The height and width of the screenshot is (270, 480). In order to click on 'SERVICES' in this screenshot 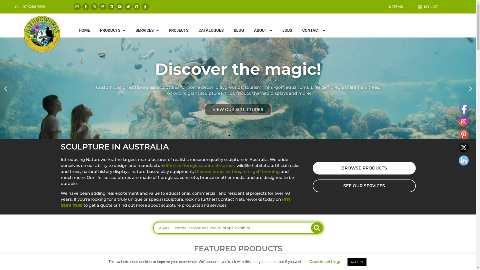, I will do `click(130, 30)`.